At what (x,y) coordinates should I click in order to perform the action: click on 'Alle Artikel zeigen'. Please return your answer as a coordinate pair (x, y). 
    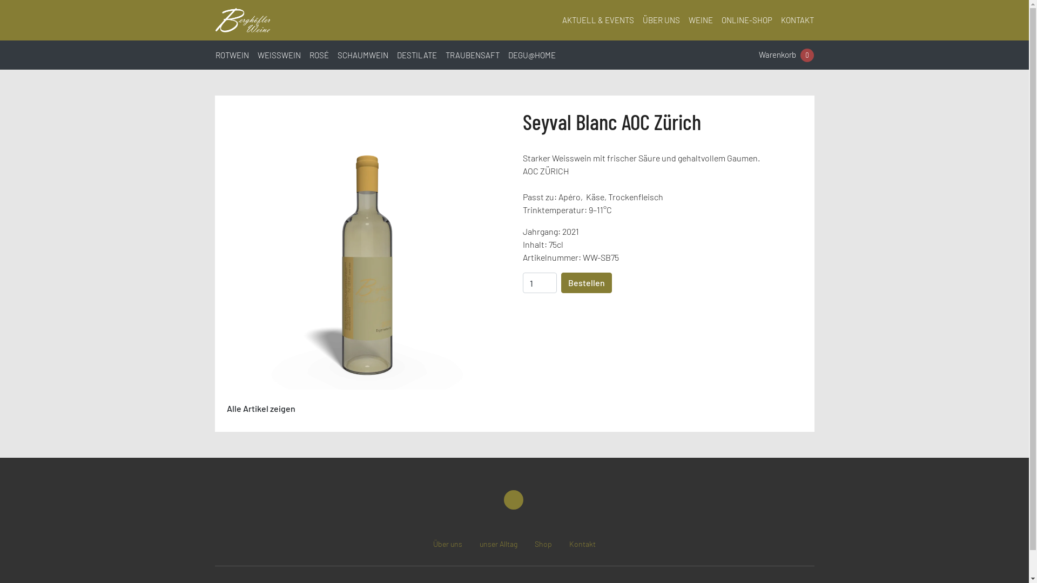
    Looking at the image, I should click on (219, 408).